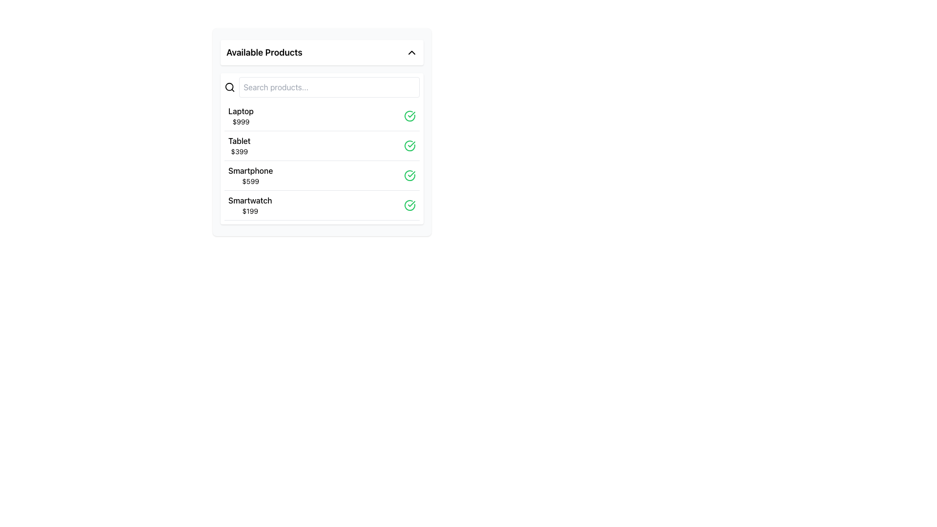  I want to click on the checkmark icon inside a circle, which is located to the right of the 'Smartwatch - $199' item in the product list, so click(411, 174).